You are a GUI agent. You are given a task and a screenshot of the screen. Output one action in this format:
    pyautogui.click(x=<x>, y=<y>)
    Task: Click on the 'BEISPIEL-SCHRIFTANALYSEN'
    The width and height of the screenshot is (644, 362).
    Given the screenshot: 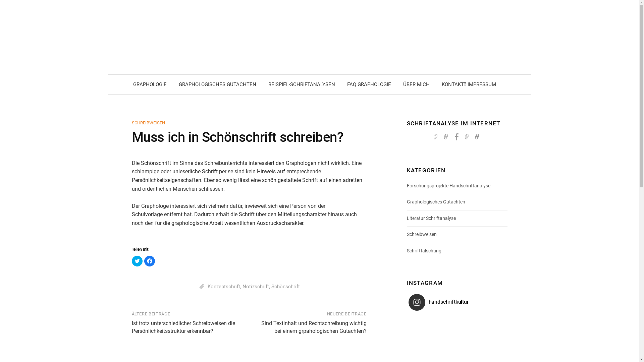 What is the action you would take?
    pyautogui.click(x=262, y=84)
    